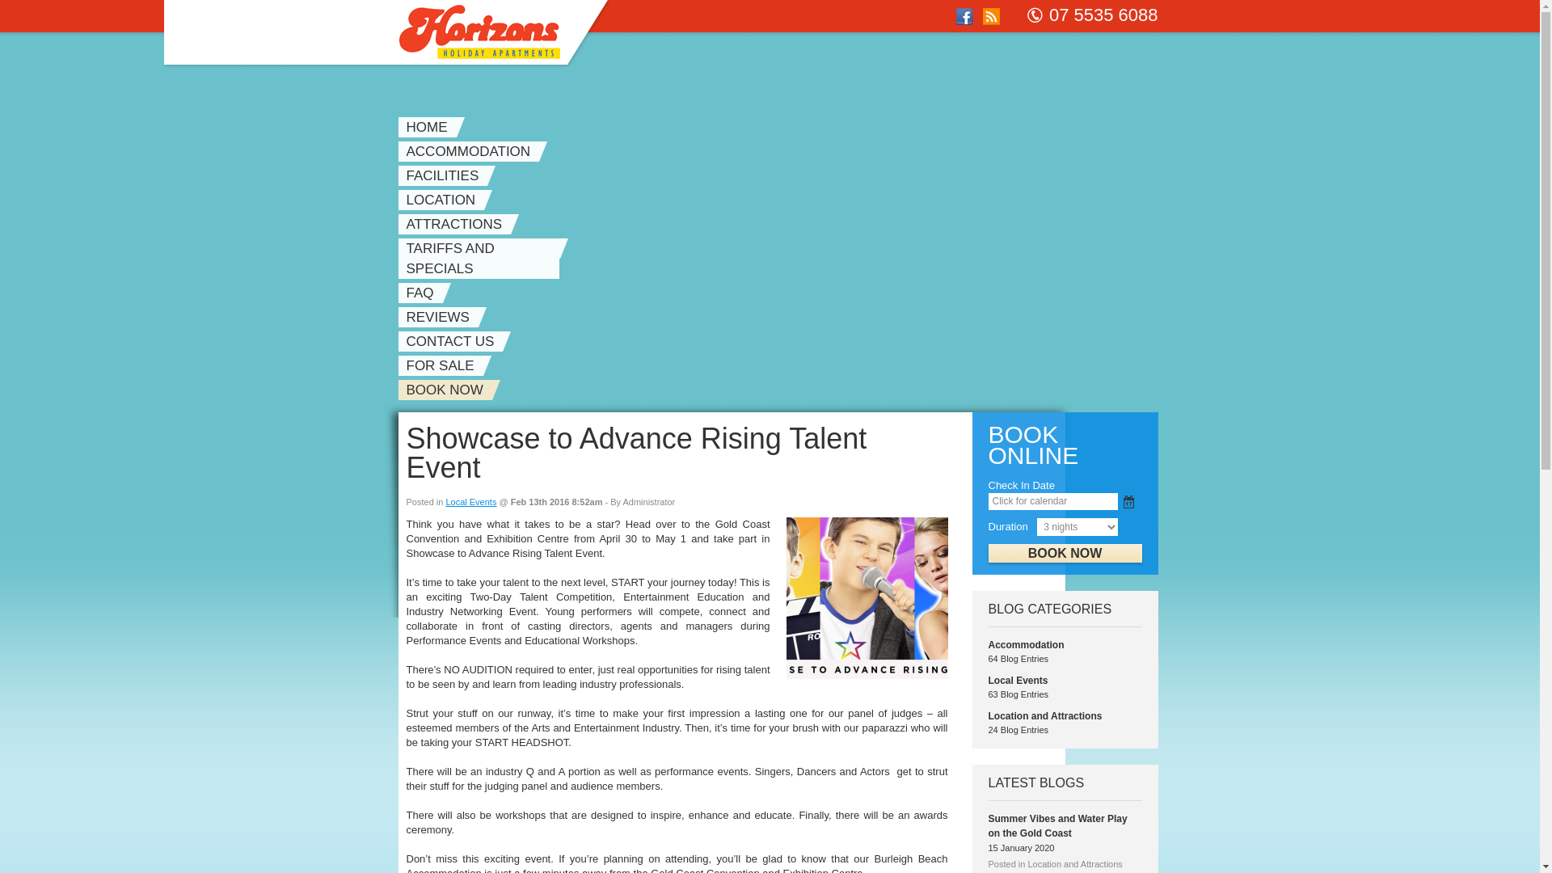  What do you see at coordinates (1064, 552) in the screenshot?
I see `'Book Now'` at bounding box center [1064, 552].